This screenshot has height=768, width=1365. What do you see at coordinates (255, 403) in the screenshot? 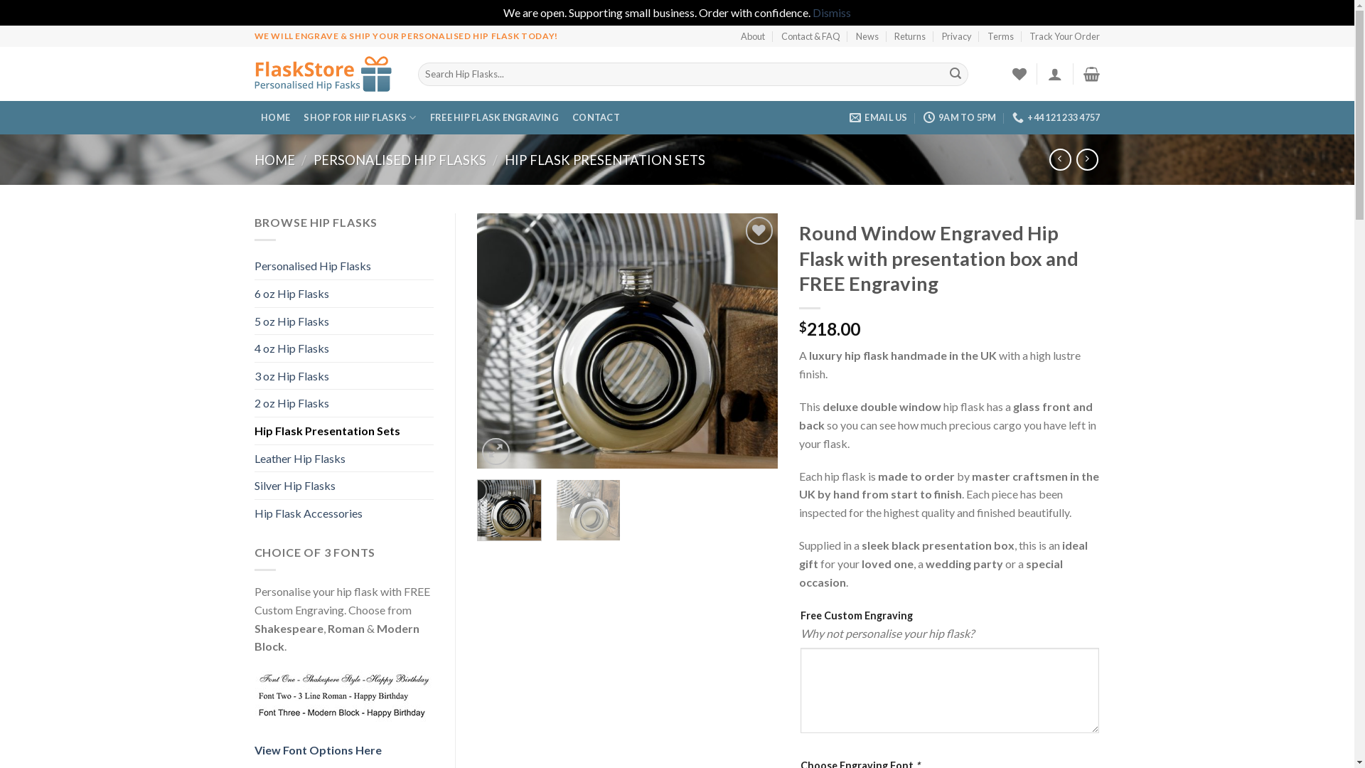
I see `'2 oz Hip Flasks'` at bounding box center [255, 403].